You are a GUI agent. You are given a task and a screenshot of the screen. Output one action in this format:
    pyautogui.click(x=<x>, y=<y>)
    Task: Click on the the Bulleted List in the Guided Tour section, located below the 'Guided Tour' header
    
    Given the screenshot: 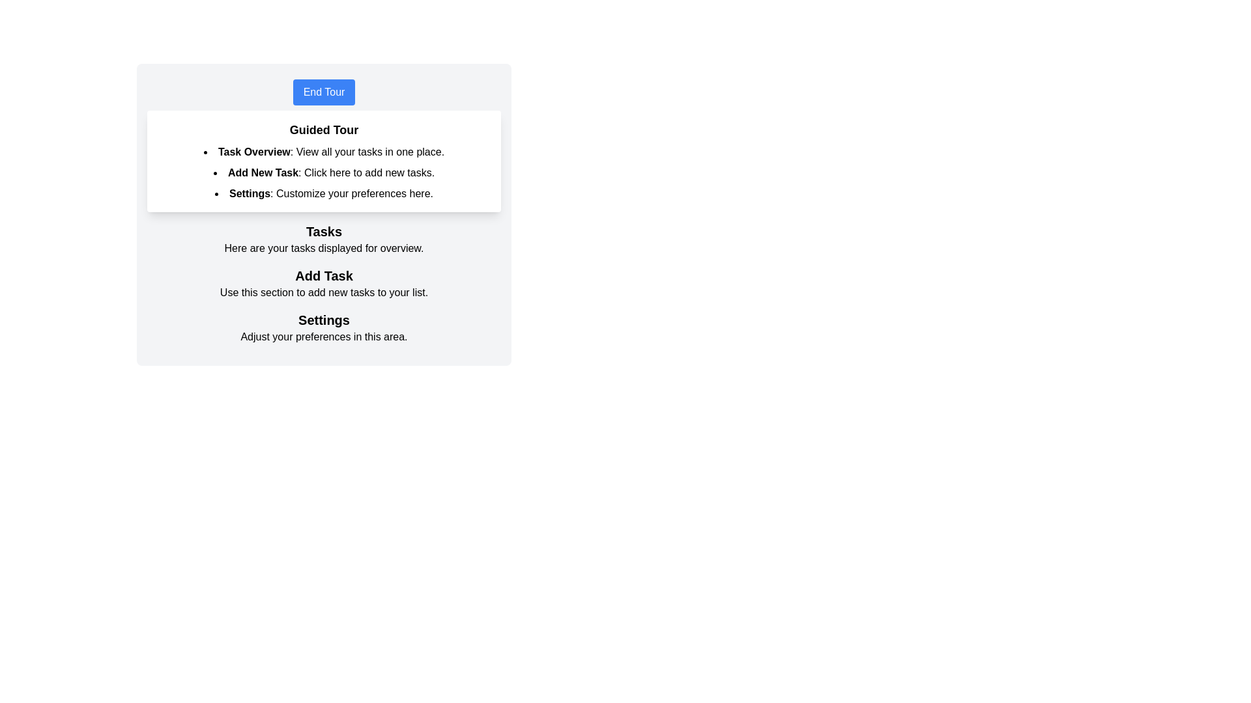 What is the action you would take?
    pyautogui.click(x=324, y=172)
    